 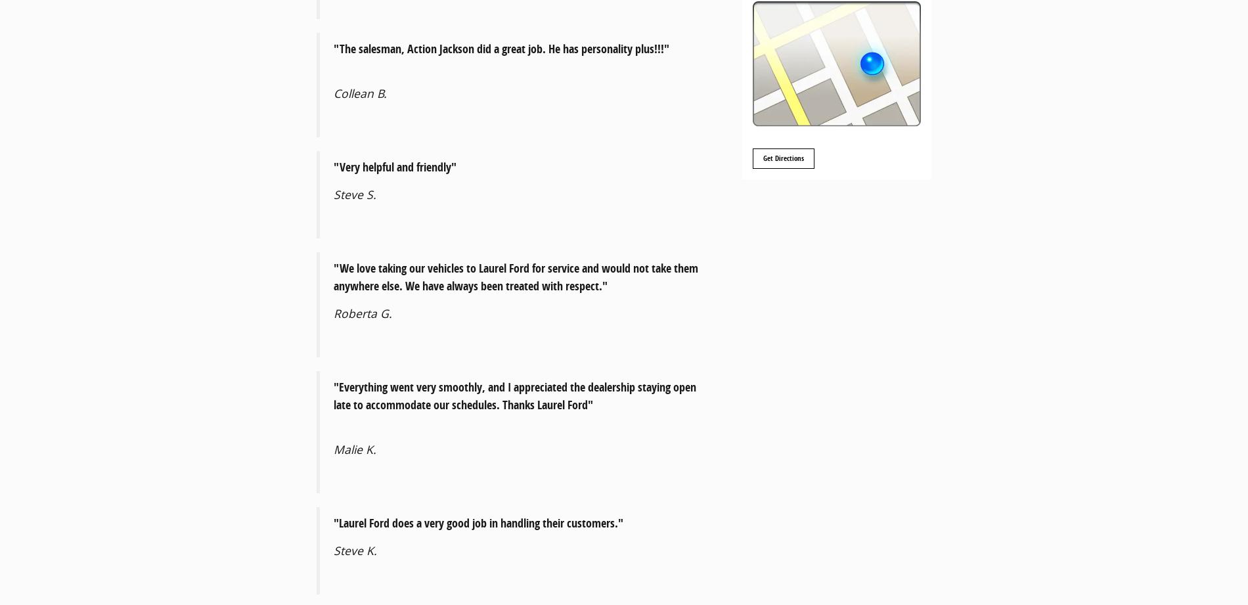 I want to click on 'Roberta 
G.', so click(x=334, y=313).